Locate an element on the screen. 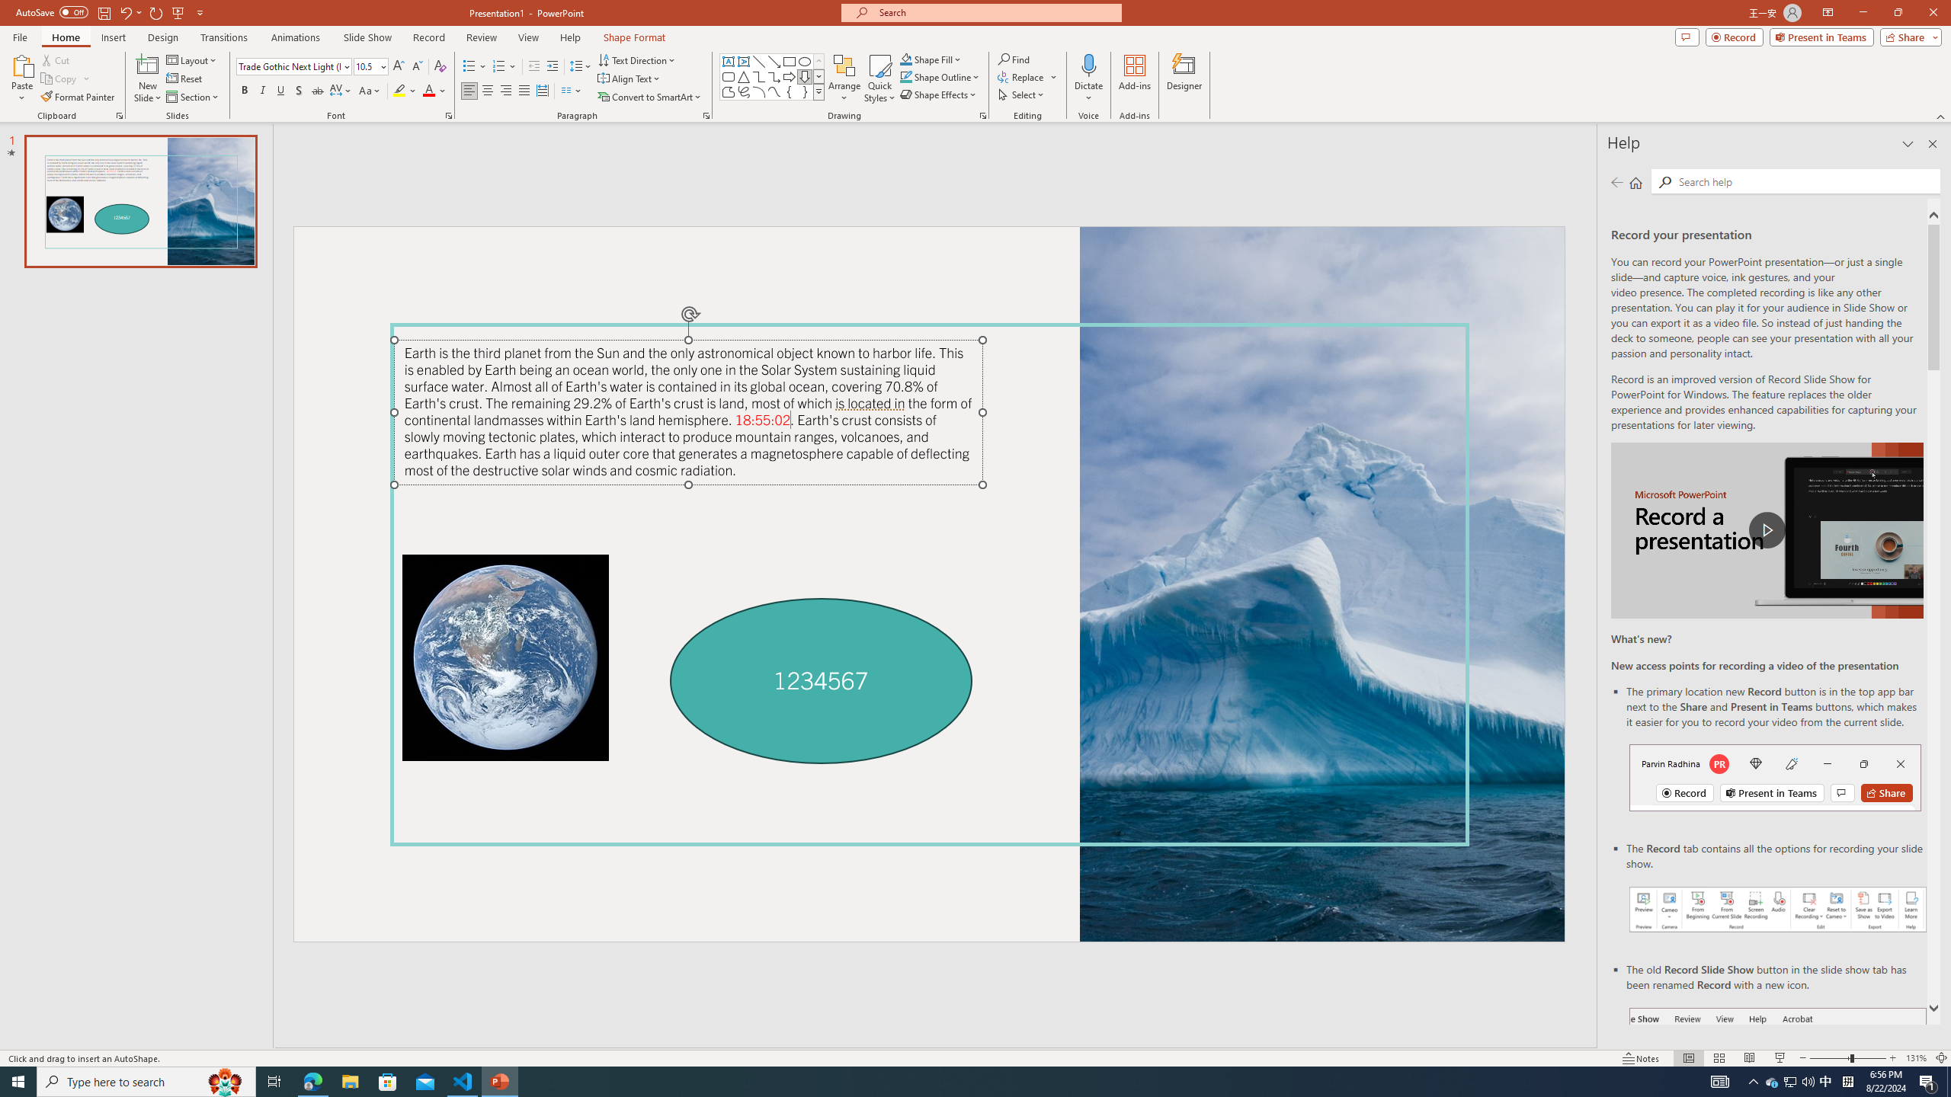  'play Record a Presentation' is located at coordinates (1767, 530).